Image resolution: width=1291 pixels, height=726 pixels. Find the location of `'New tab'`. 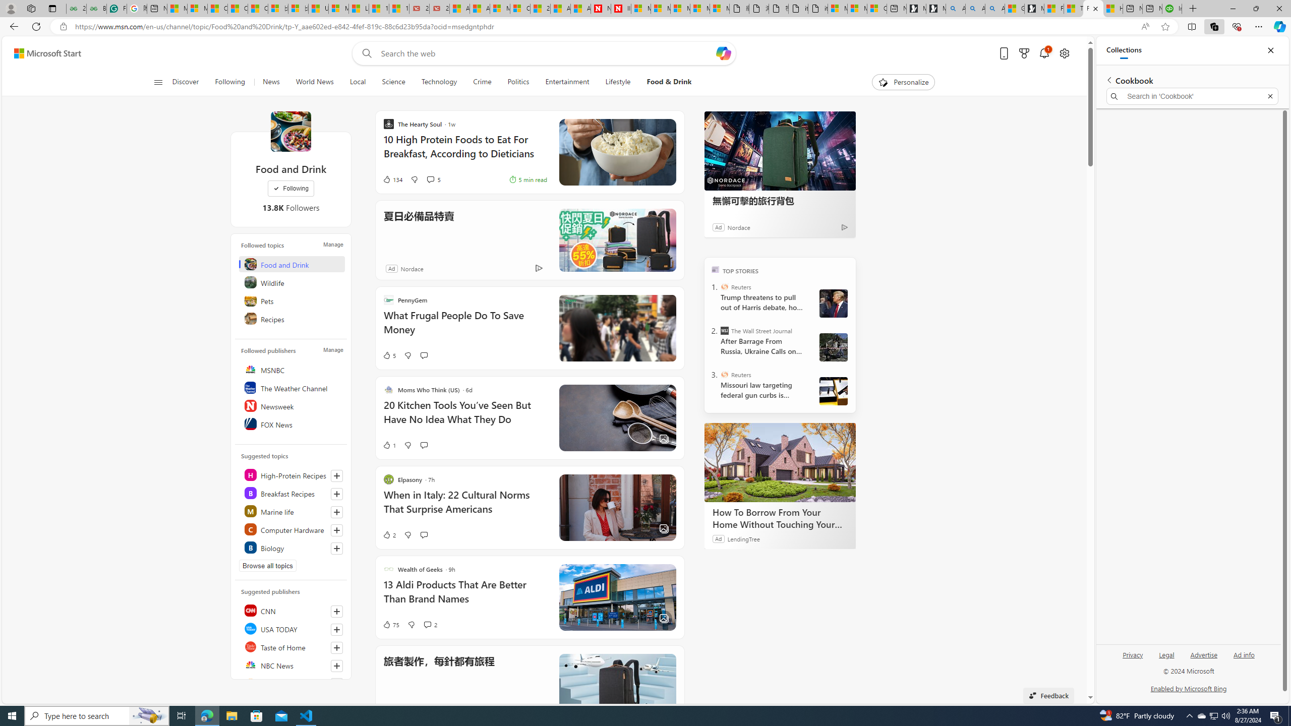

'New tab' is located at coordinates (1153, 8).